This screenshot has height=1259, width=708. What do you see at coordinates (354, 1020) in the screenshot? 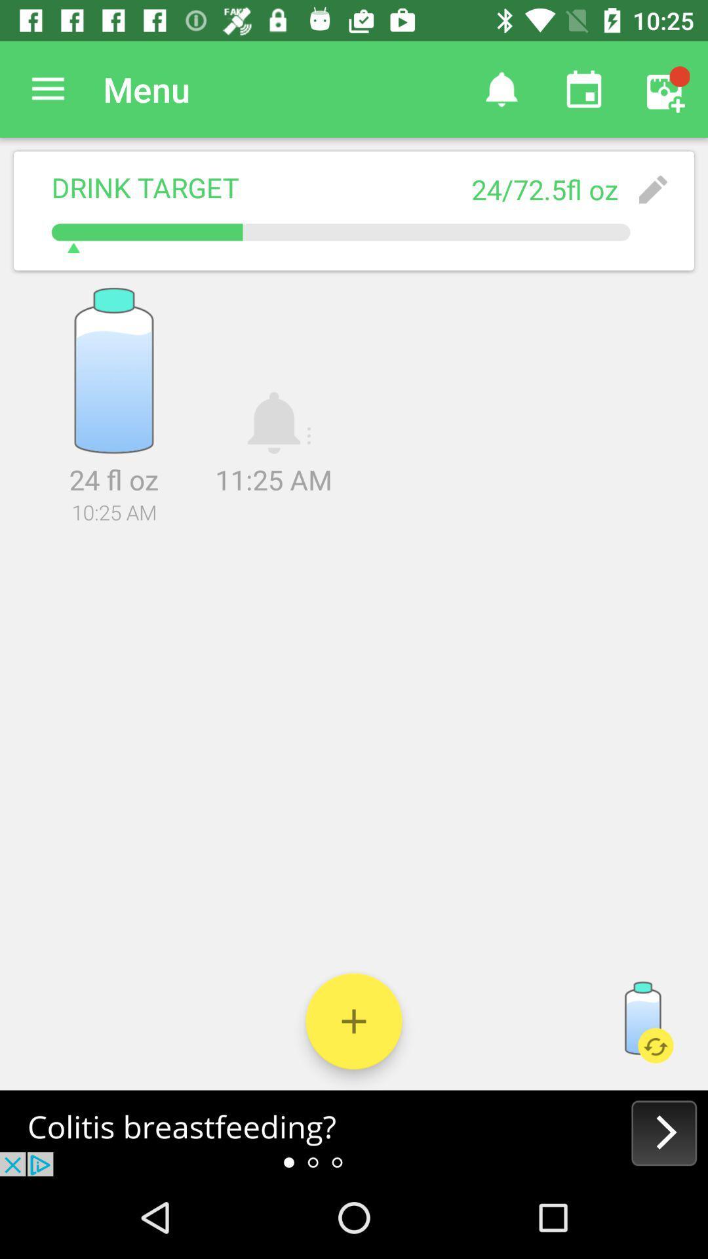
I see `drink` at bounding box center [354, 1020].